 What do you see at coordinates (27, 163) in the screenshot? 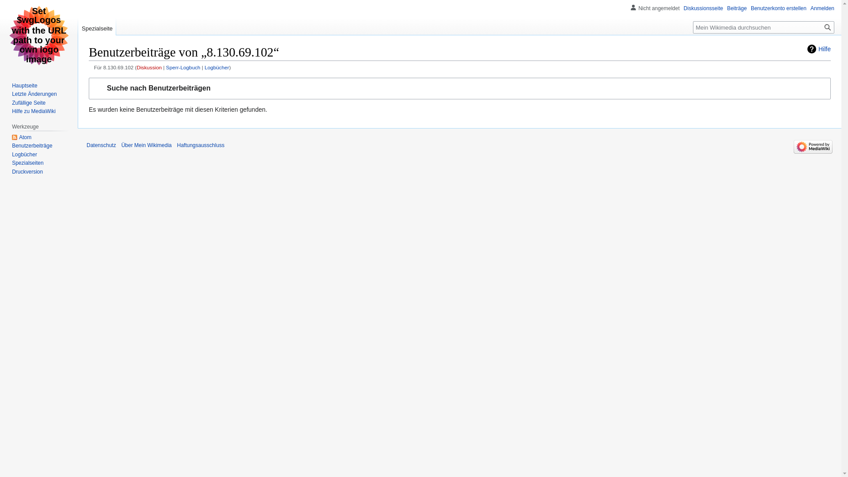
I see `'Spezialseiten'` at bounding box center [27, 163].